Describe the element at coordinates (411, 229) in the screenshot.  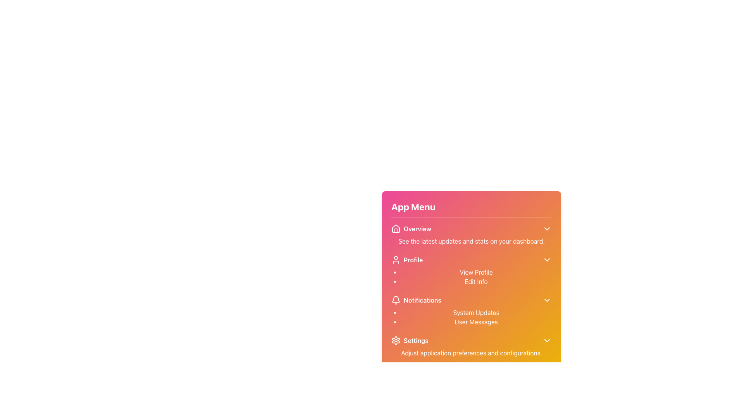
I see `the 'Overview' button in the sidebar menu for keyboard navigation` at that location.